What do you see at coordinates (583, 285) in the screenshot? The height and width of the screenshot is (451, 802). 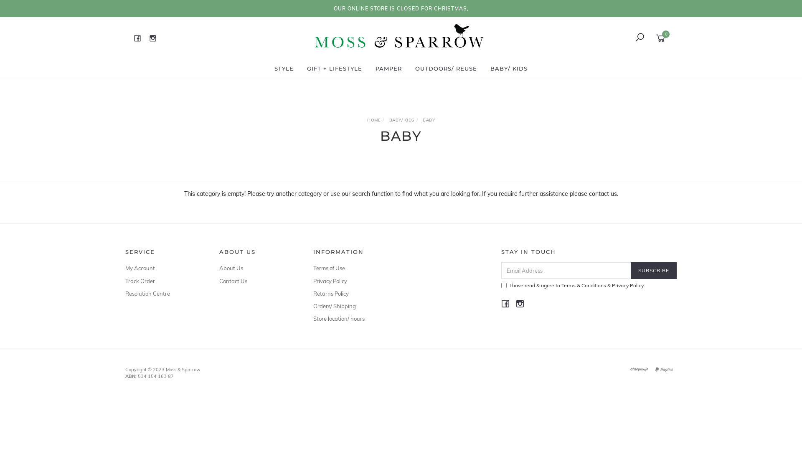 I see `'Terms & Conditions'` at bounding box center [583, 285].